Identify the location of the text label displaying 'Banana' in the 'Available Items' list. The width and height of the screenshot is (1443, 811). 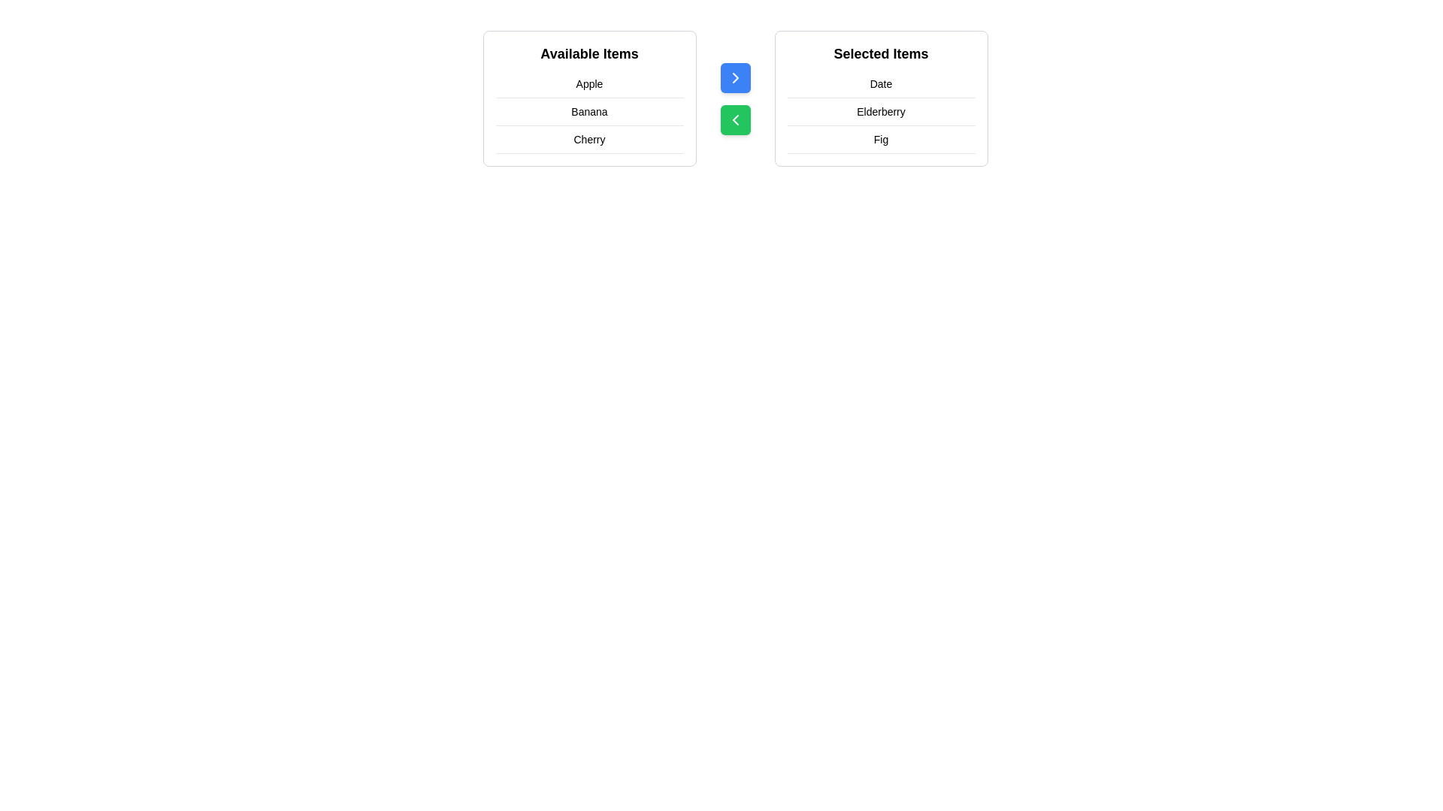
(588, 111).